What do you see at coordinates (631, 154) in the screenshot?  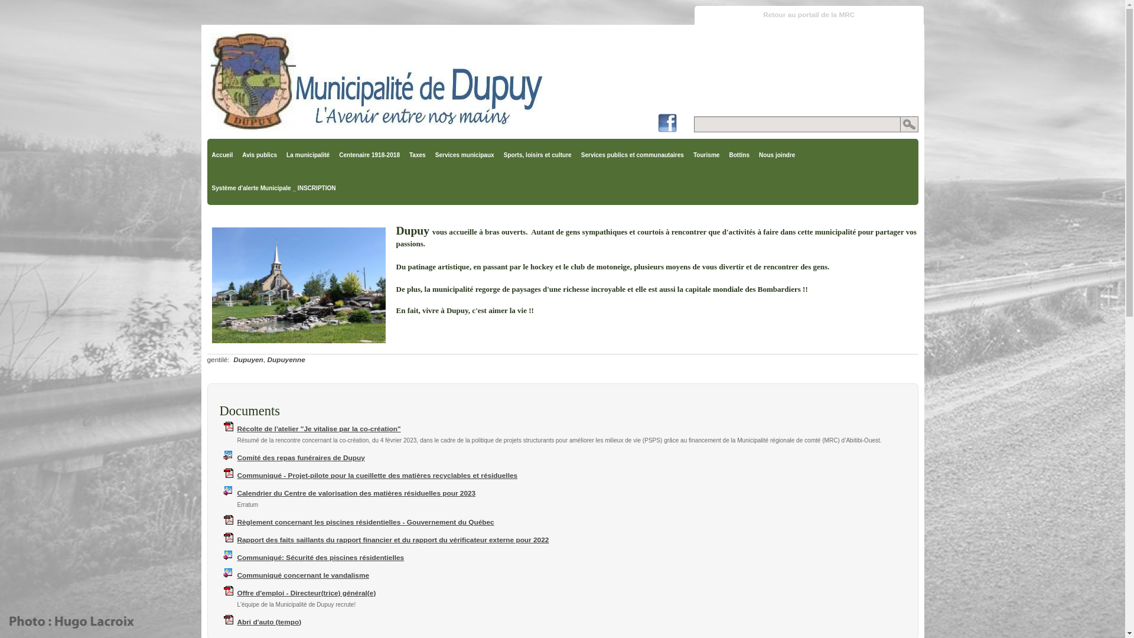 I see `'Services publics et communautaires'` at bounding box center [631, 154].